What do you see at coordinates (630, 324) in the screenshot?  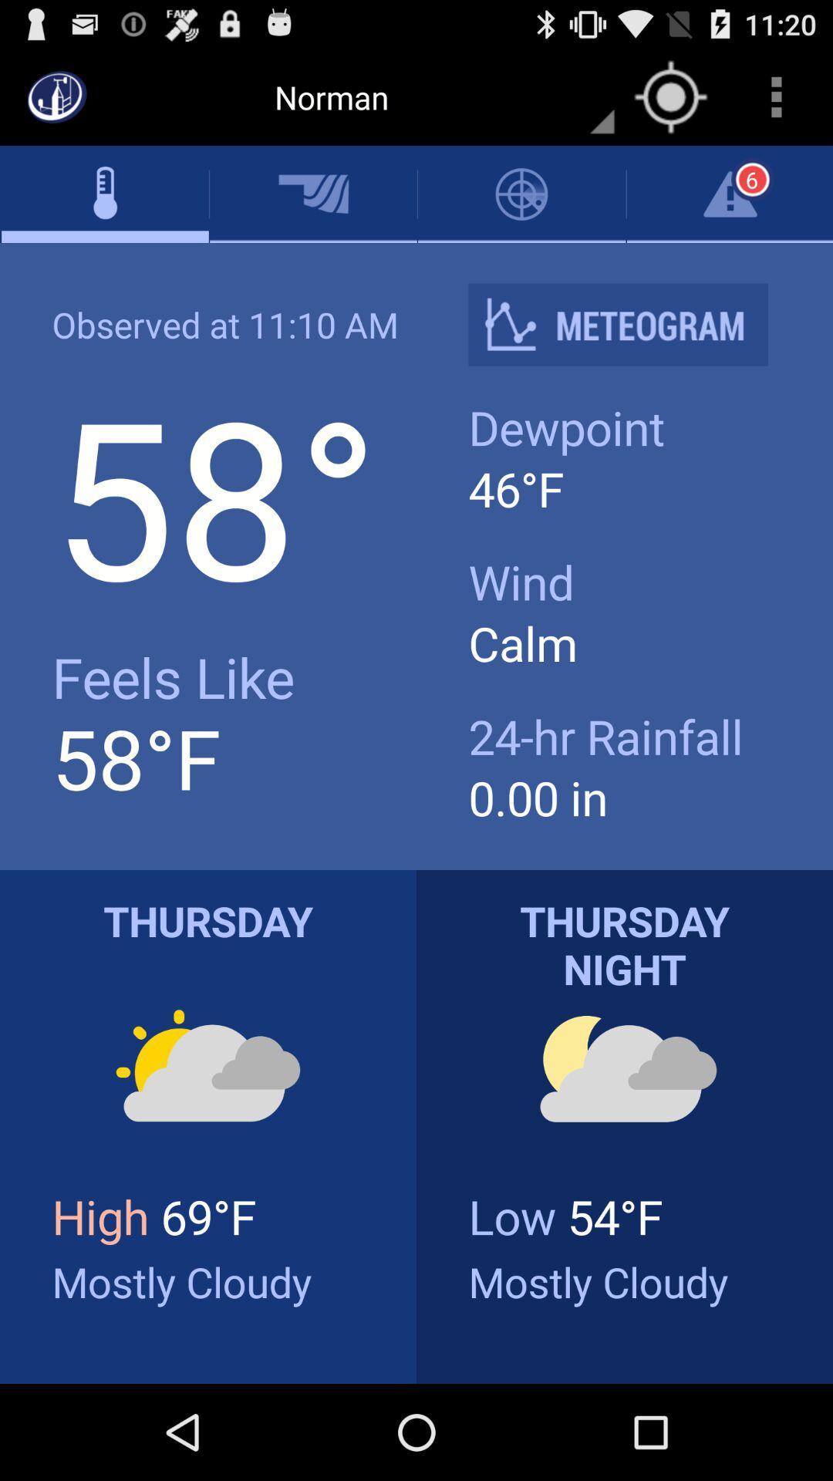 I see `meteogram` at bounding box center [630, 324].